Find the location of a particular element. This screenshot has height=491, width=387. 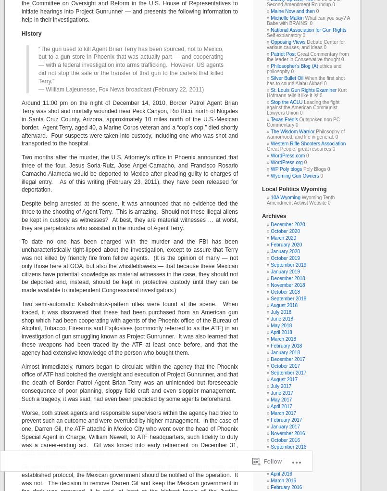

'January 2020' is located at coordinates (270, 251).